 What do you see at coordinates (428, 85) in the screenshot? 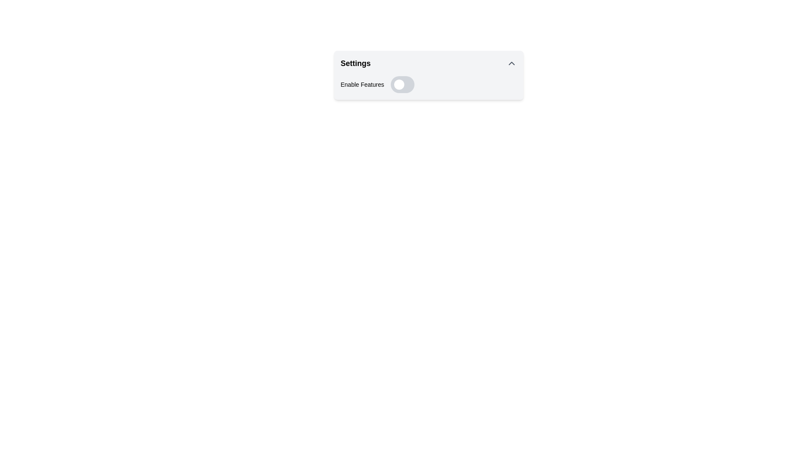
I see `the toggle switch labeled 'Enable Features'` at bounding box center [428, 85].